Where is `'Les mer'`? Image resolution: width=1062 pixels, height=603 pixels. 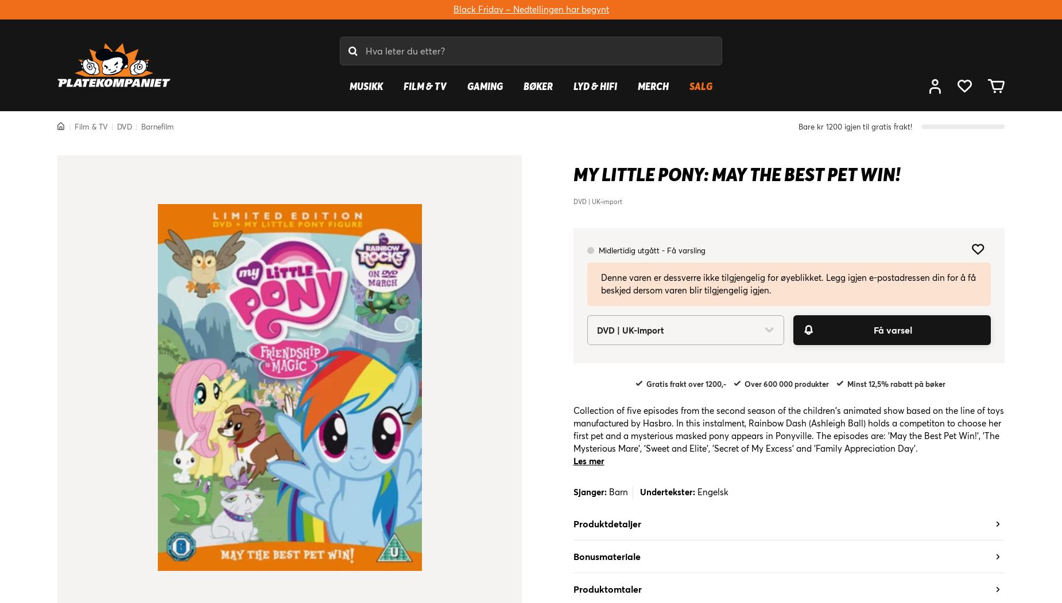 'Les mer' is located at coordinates (588, 461).